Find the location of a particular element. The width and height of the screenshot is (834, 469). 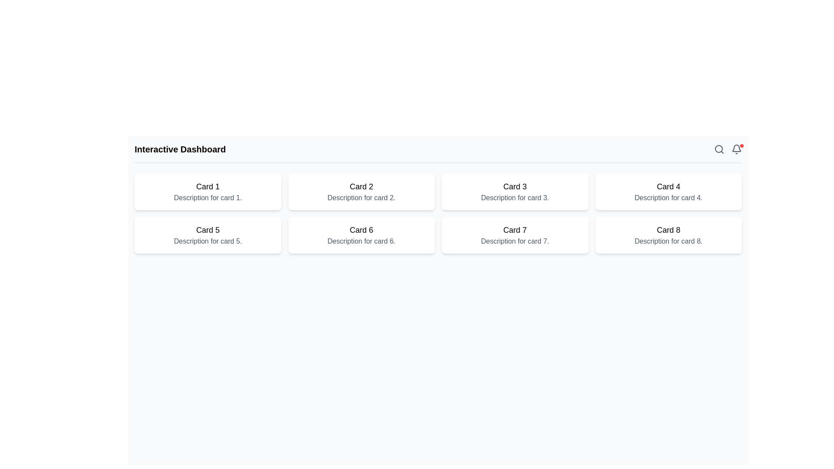

the static text element that serves as the title or label for the card located at the upper section of the card in the second row, fourth column of the grid layout is located at coordinates (668, 229).